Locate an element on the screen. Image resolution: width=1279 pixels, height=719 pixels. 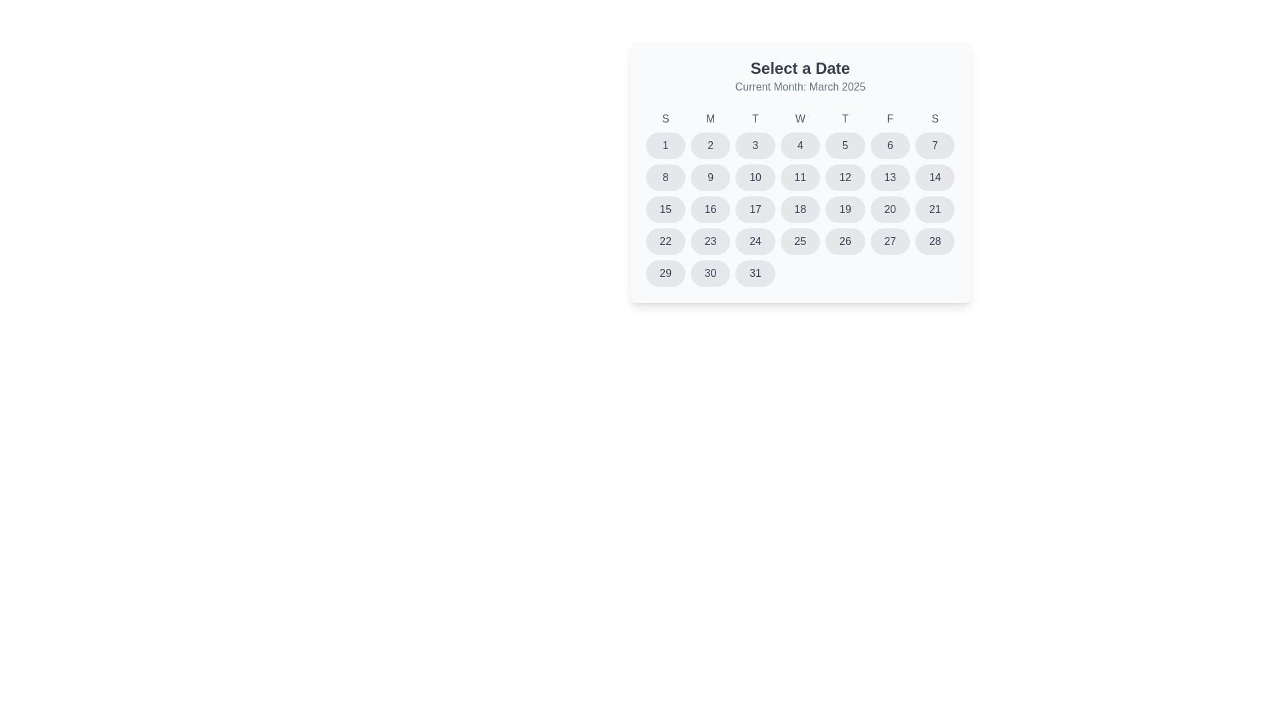
the button representing the date '14' in the calendar grid under the label 'F' is located at coordinates (934, 176).